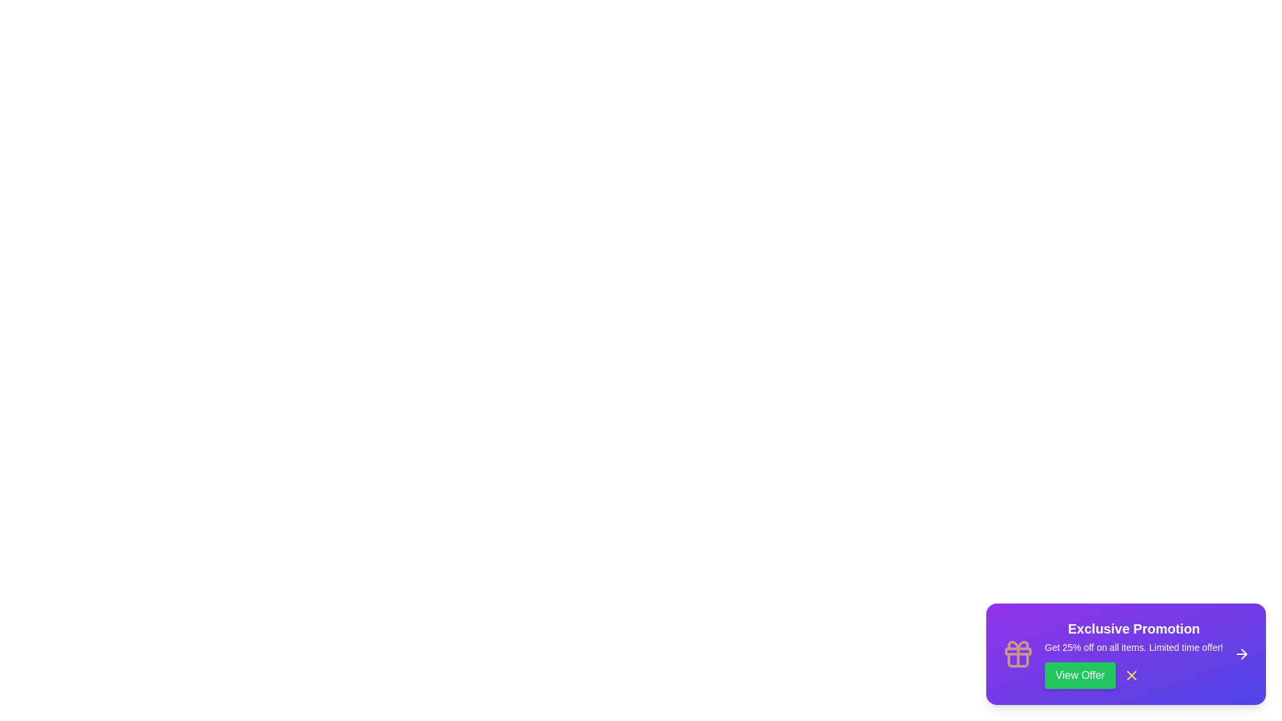  I want to click on the arrow icon to indicate navigation, so click(1241, 653).